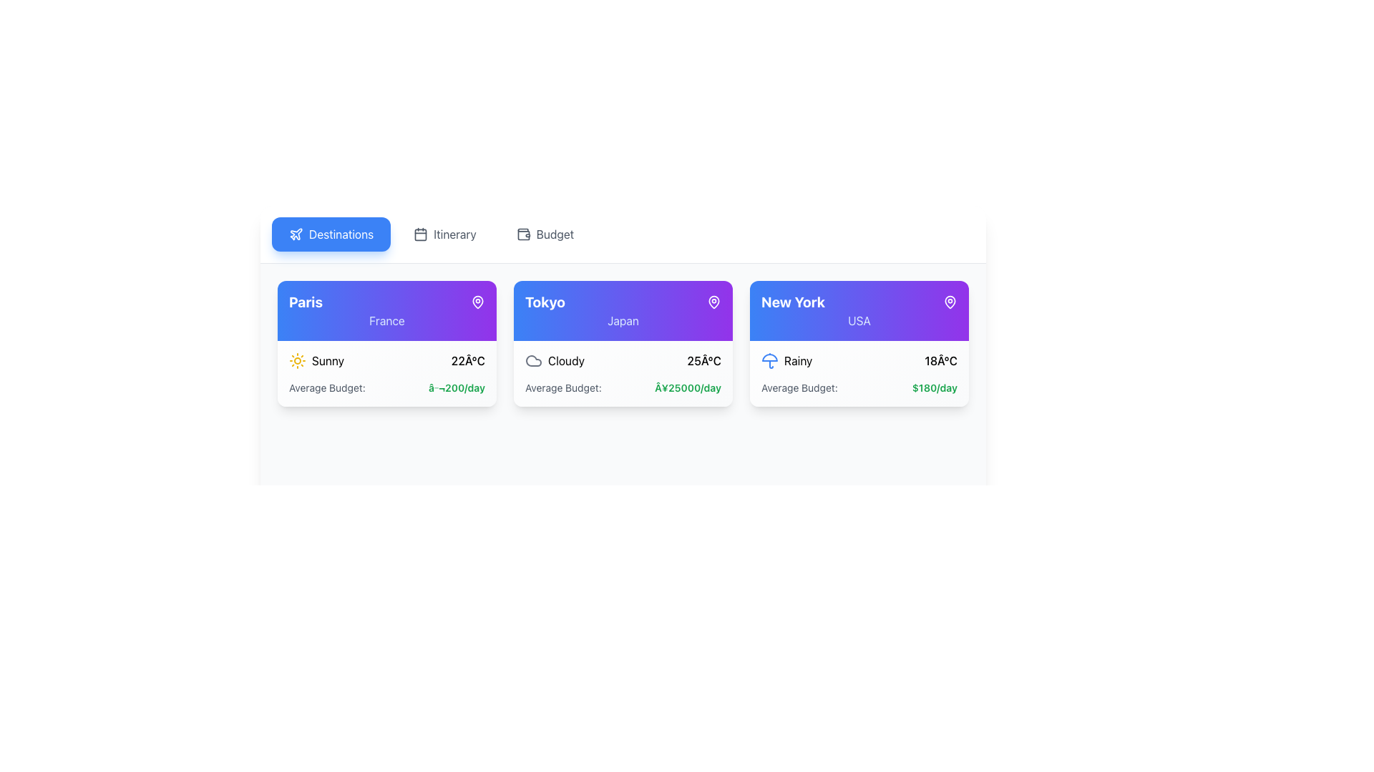 This screenshot has width=1374, height=772. I want to click on the text label "Cloudy" located in the bottom-left portion of the Tokyo weather report card, positioned immediately to the right of the cloud icon, so click(565, 360).